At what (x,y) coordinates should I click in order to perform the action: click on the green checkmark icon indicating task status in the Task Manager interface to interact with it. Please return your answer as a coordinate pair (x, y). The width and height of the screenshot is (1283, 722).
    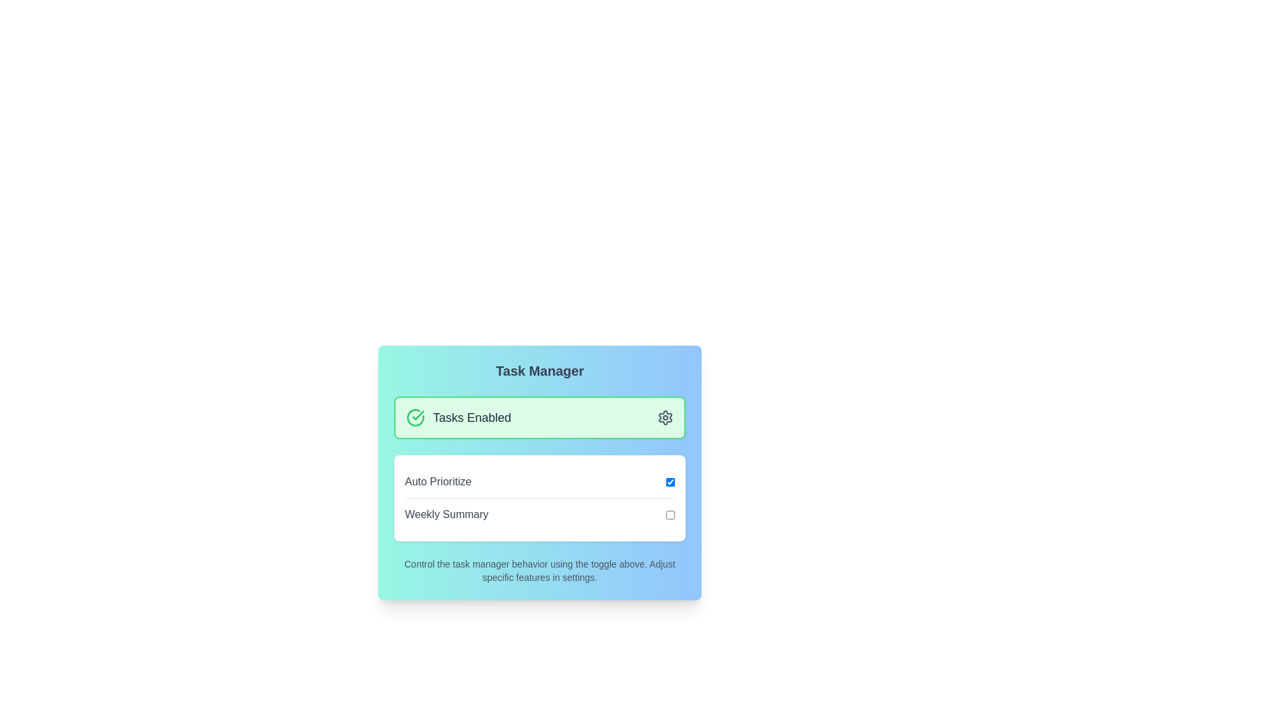
    Looking at the image, I should click on (415, 416).